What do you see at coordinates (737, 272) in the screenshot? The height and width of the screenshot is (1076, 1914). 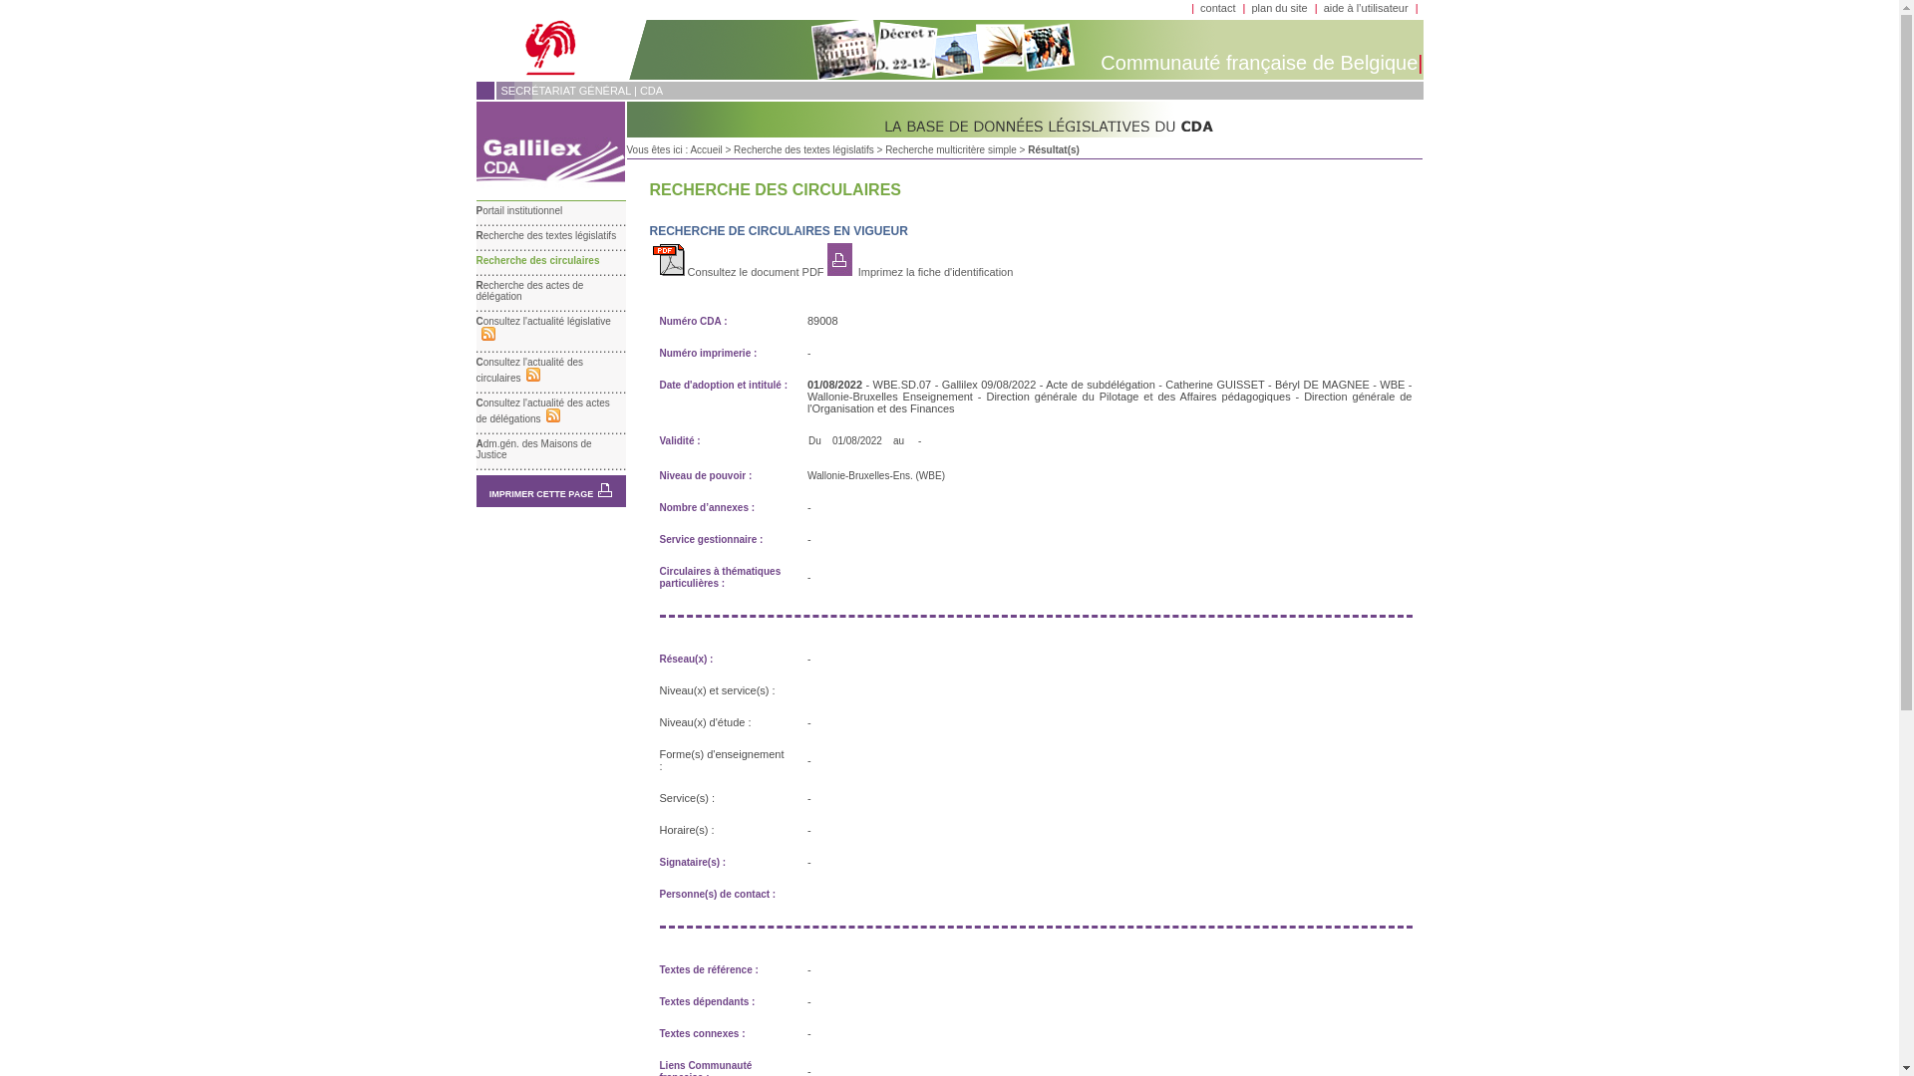 I see `'Consultez le document PDF'` at bounding box center [737, 272].